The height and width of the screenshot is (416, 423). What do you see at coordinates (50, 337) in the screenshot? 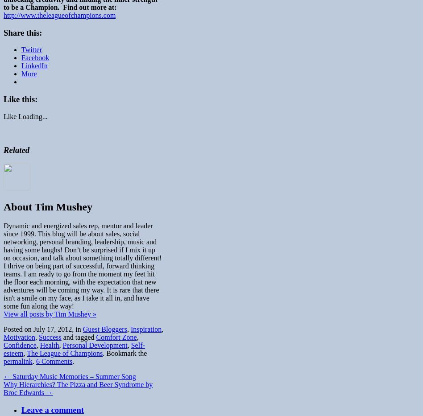
I see `'Success'` at bounding box center [50, 337].